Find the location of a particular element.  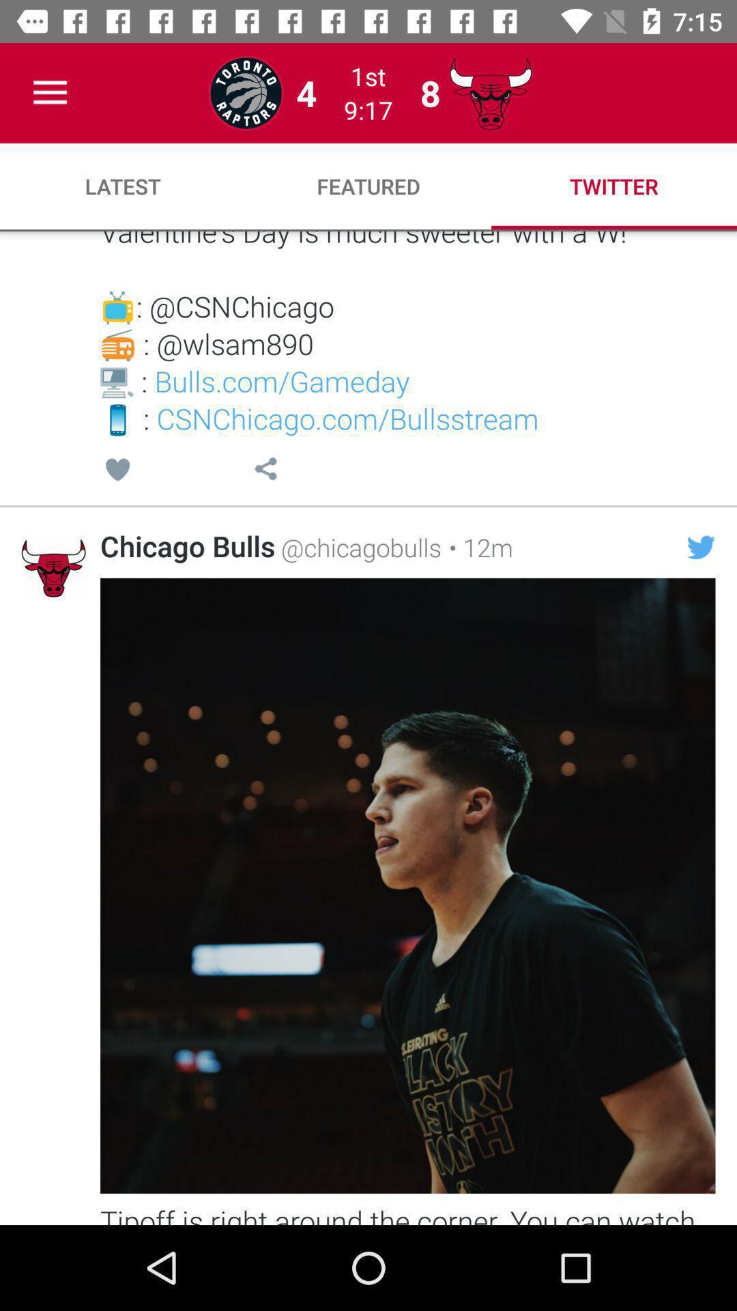

icon above the chicago bulls icon is located at coordinates (117, 471).